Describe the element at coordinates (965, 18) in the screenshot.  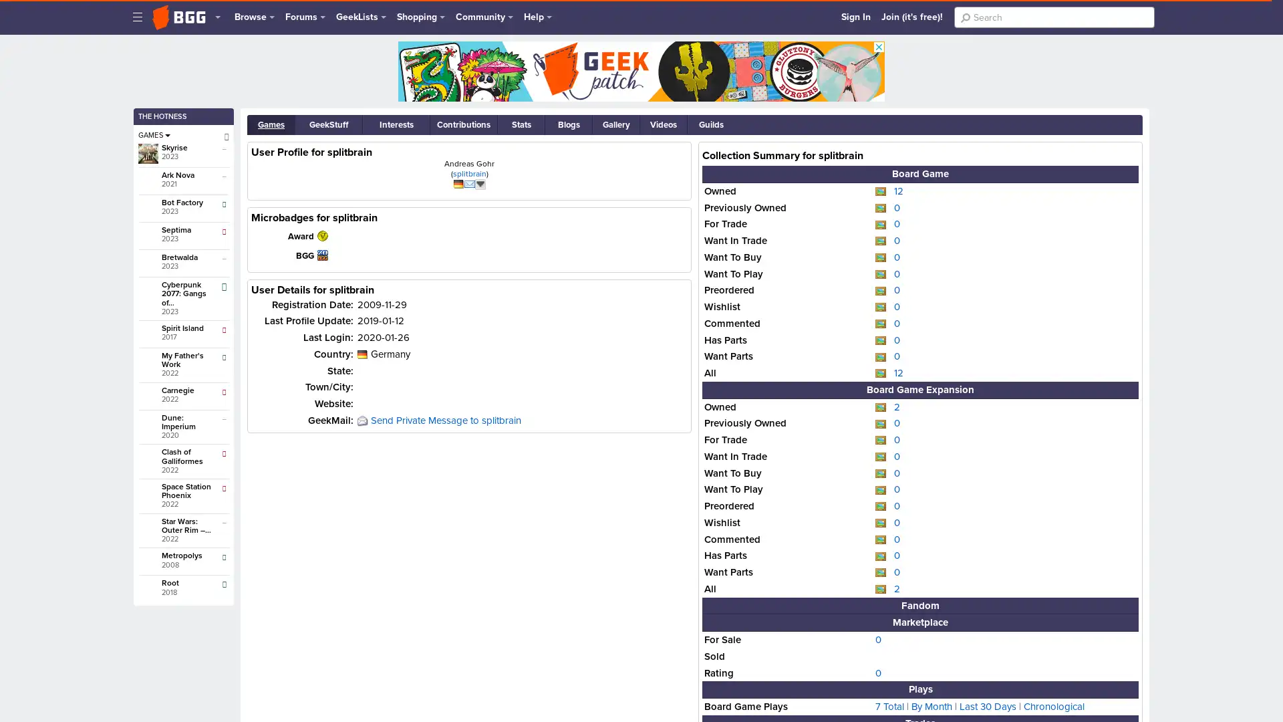
I see `Search` at that location.